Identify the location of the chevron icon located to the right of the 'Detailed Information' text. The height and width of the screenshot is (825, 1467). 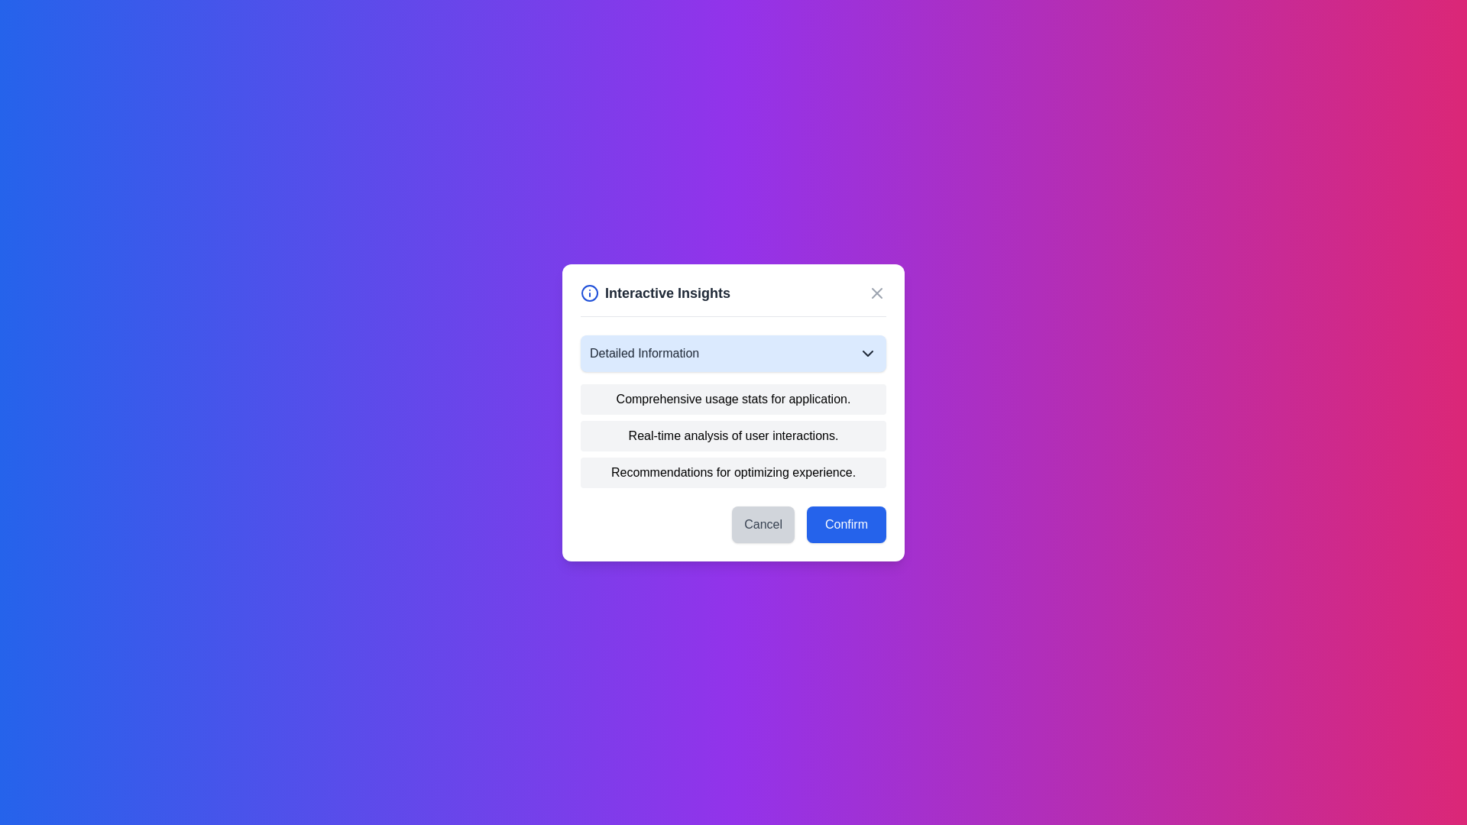
(868, 353).